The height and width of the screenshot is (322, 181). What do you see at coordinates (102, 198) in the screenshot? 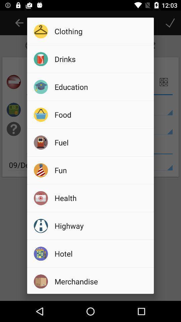
I see `health` at bounding box center [102, 198].